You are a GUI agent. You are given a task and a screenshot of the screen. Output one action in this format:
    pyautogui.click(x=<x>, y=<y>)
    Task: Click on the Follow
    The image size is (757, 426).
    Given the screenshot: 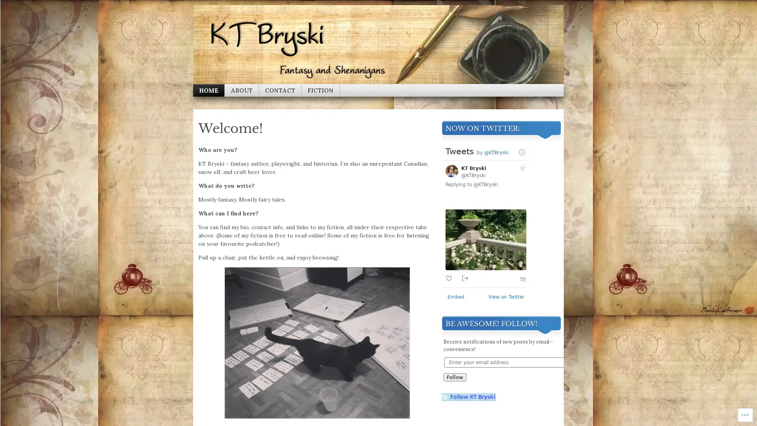 What is the action you would take?
    pyautogui.click(x=455, y=377)
    